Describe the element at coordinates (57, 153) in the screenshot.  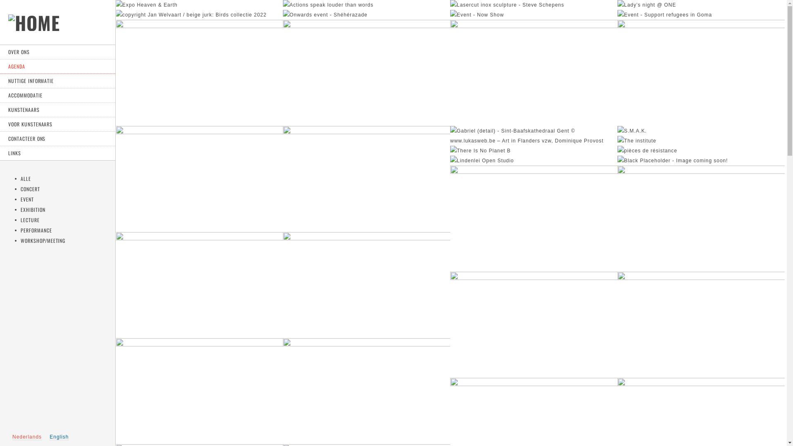
I see `'LINKS'` at that location.